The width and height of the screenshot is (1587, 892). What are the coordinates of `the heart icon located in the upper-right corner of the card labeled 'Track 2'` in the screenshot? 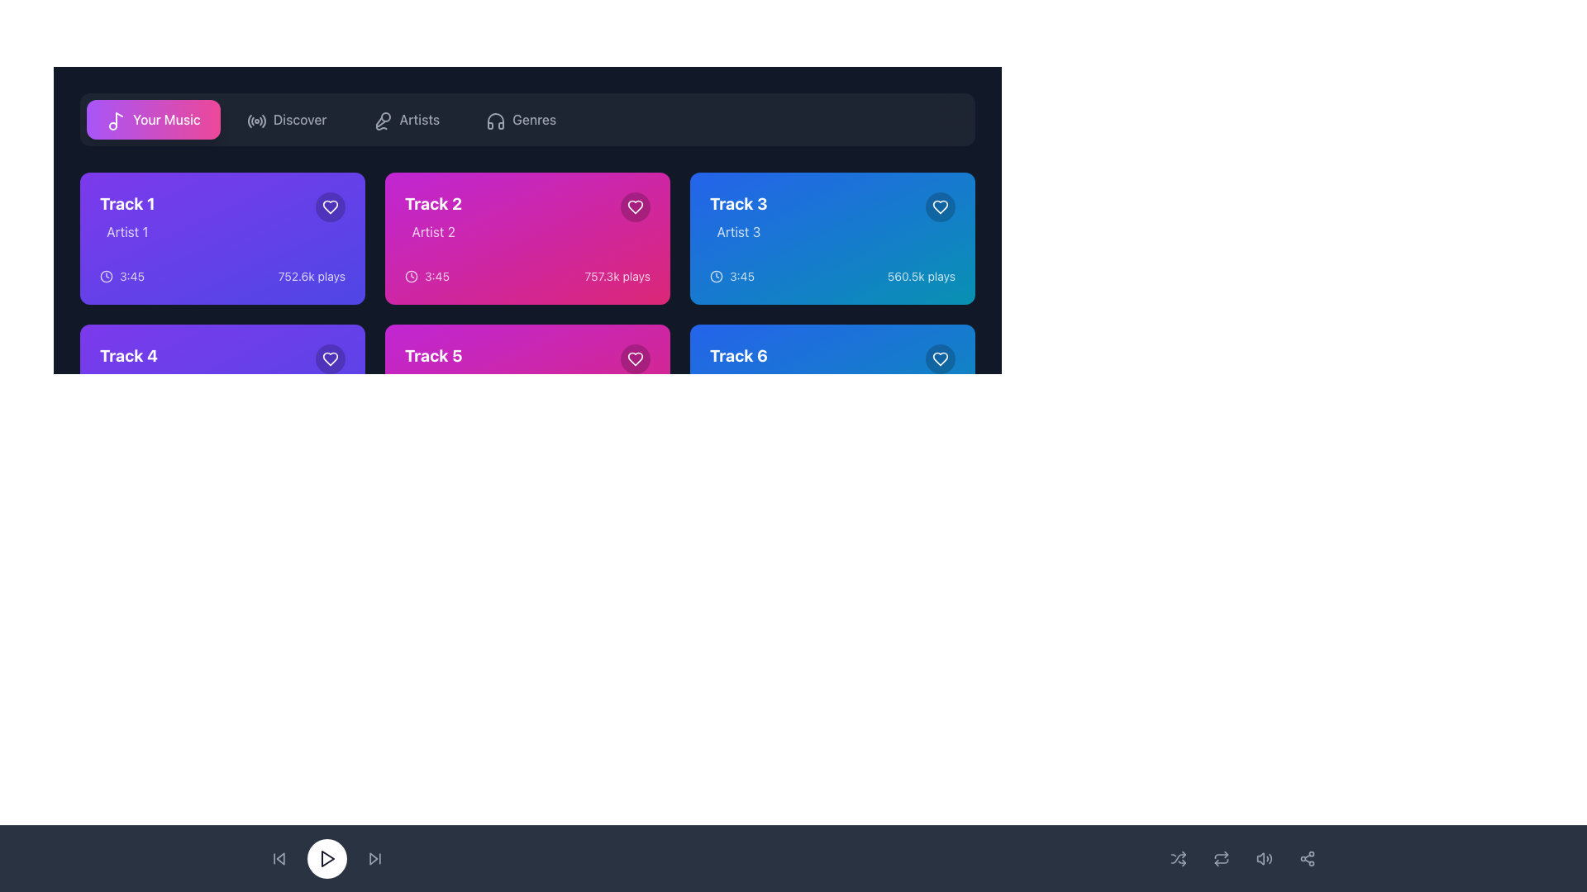 It's located at (634, 206).